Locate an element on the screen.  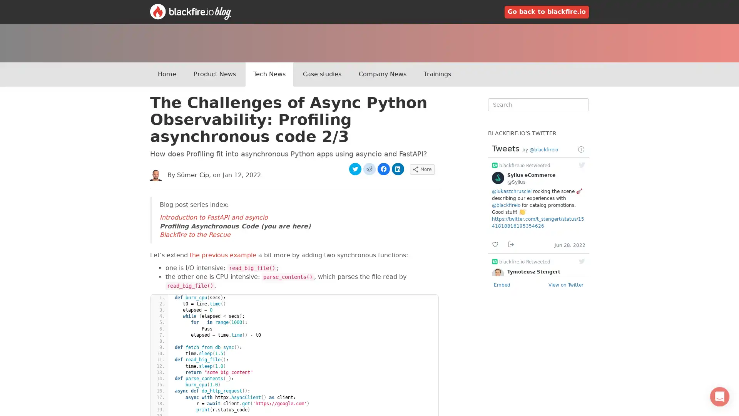
Open Intercom Messenger is located at coordinates (719, 396).